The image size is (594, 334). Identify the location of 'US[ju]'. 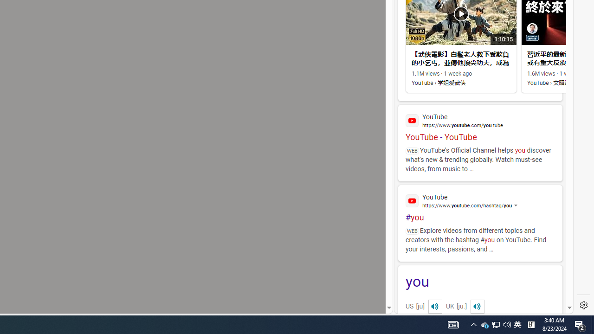
(425, 306).